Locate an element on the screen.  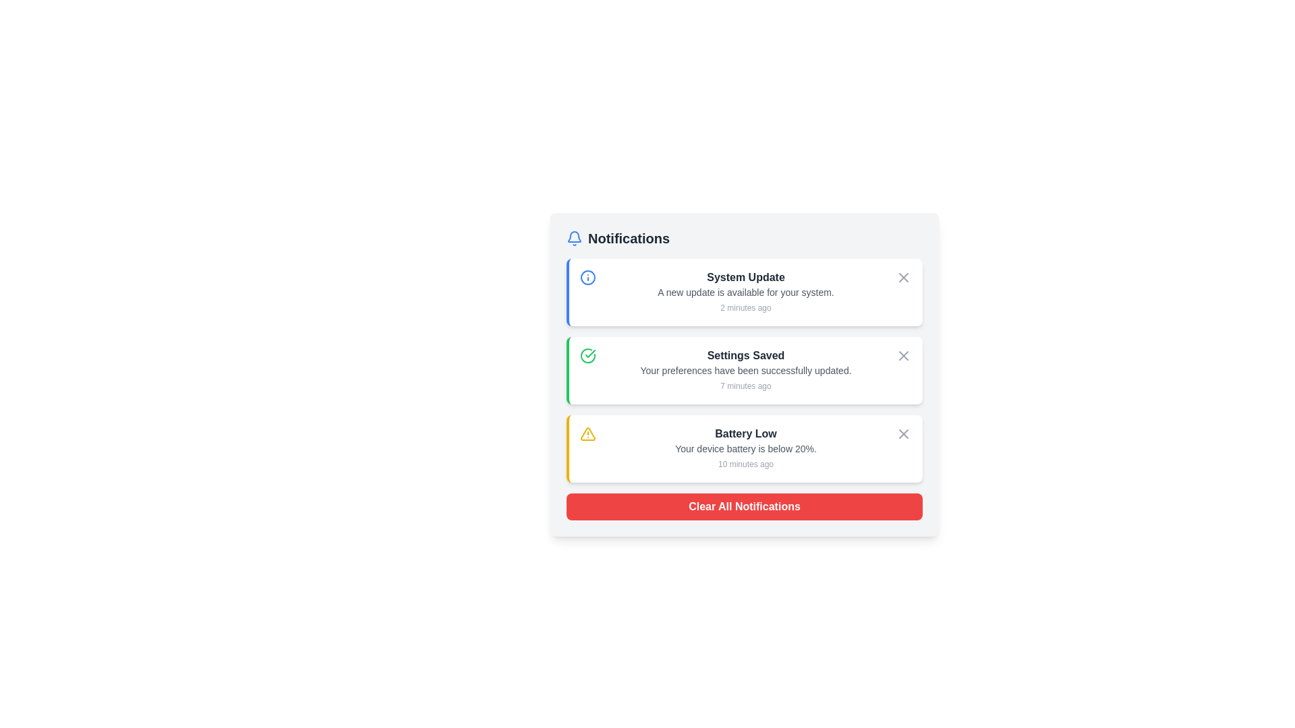
the second notification card in the vertical list of notifications, which indicates that the user's preferences have been successfully updated is located at coordinates (744, 371).